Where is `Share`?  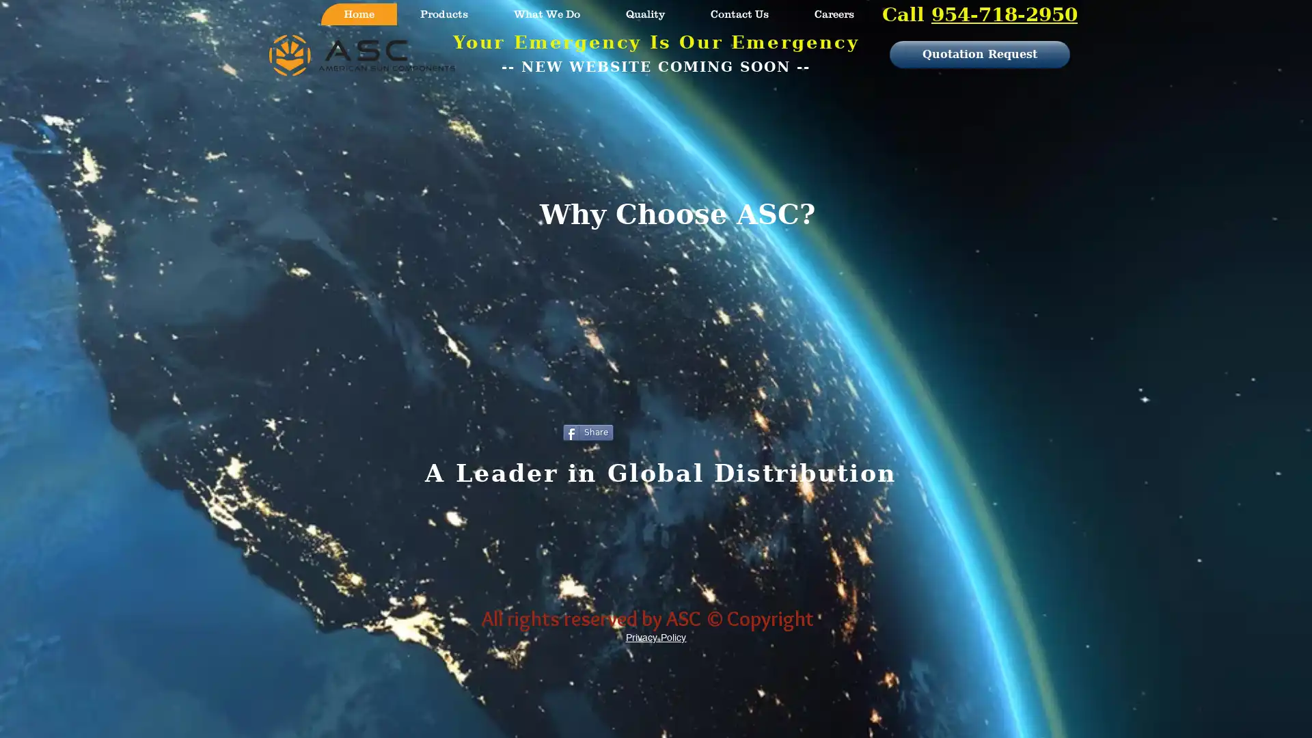 Share is located at coordinates (588, 432).